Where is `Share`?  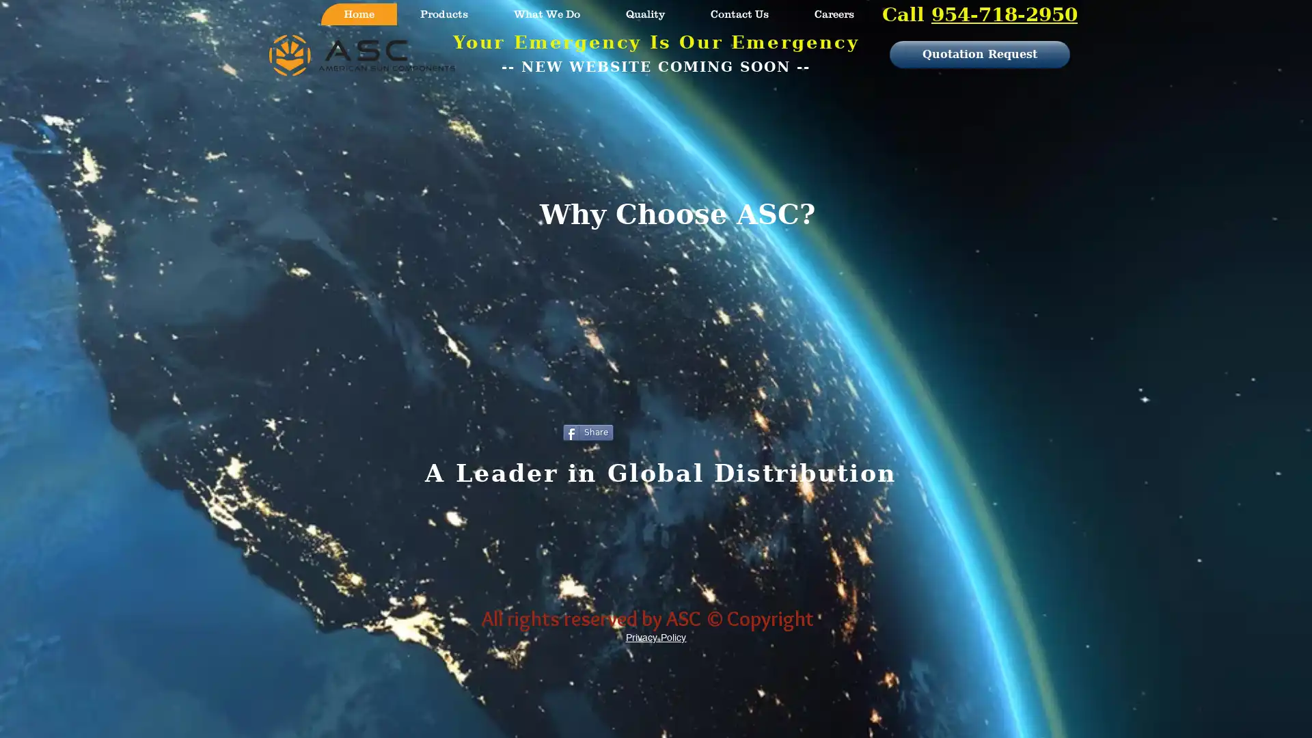 Share is located at coordinates (588, 432).